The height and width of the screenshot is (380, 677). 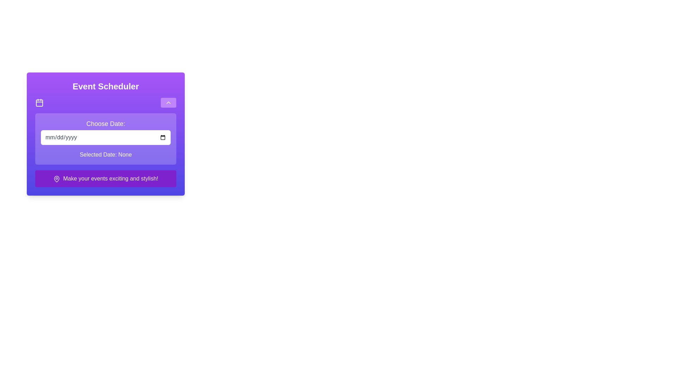 I want to click on the header element displaying 'Event Scheduler' in bold, large white font on a gradient purple background, so click(x=105, y=86).